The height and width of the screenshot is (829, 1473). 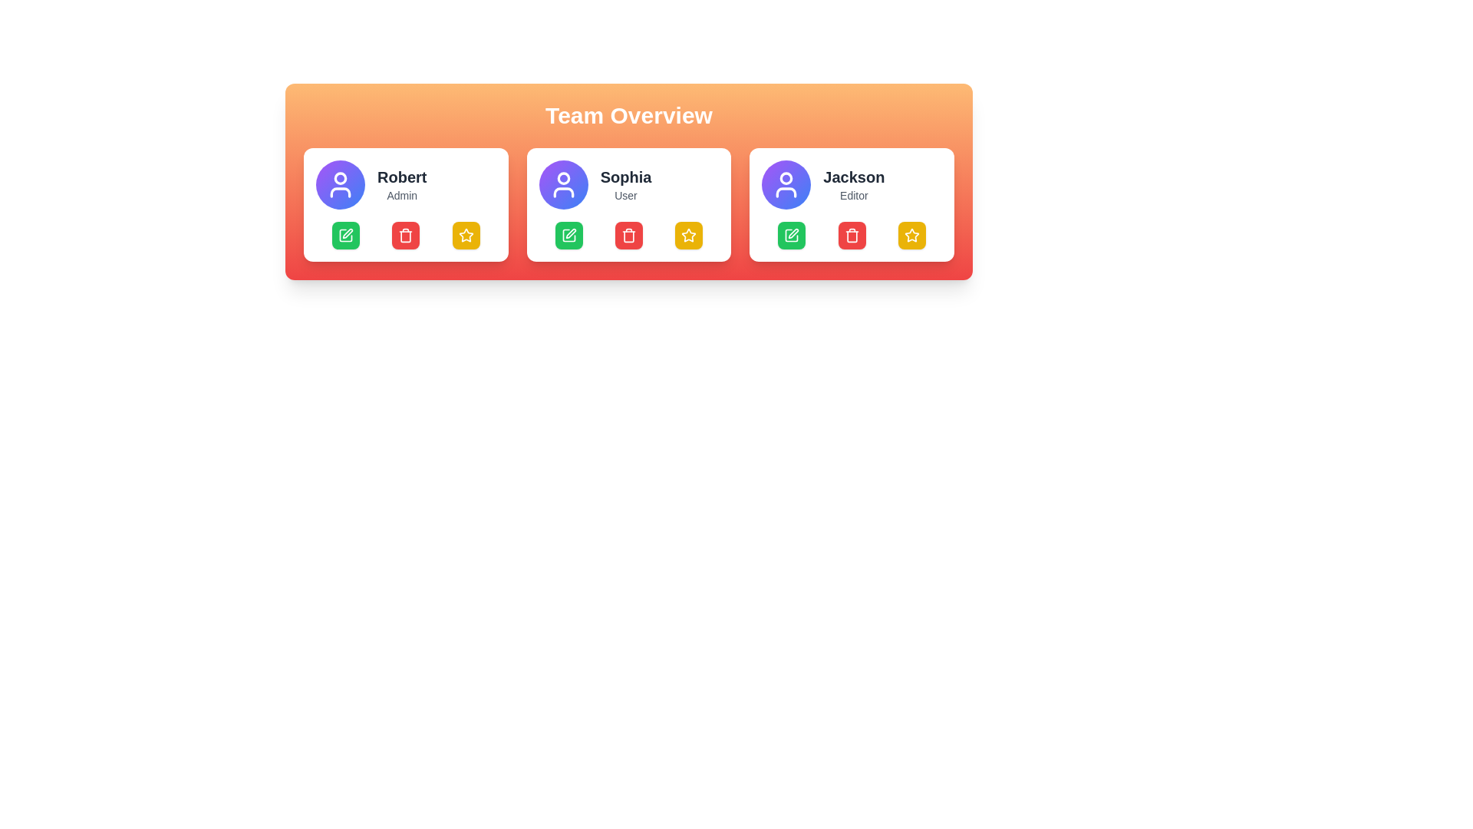 What do you see at coordinates (687, 234) in the screenshot?
I see `the gold star-shaped icon located at the bottom-right corner of the 'Sophia' user card in the 'Team Overview' section to mark the user as a favorite` at bounding box center [687, 234].